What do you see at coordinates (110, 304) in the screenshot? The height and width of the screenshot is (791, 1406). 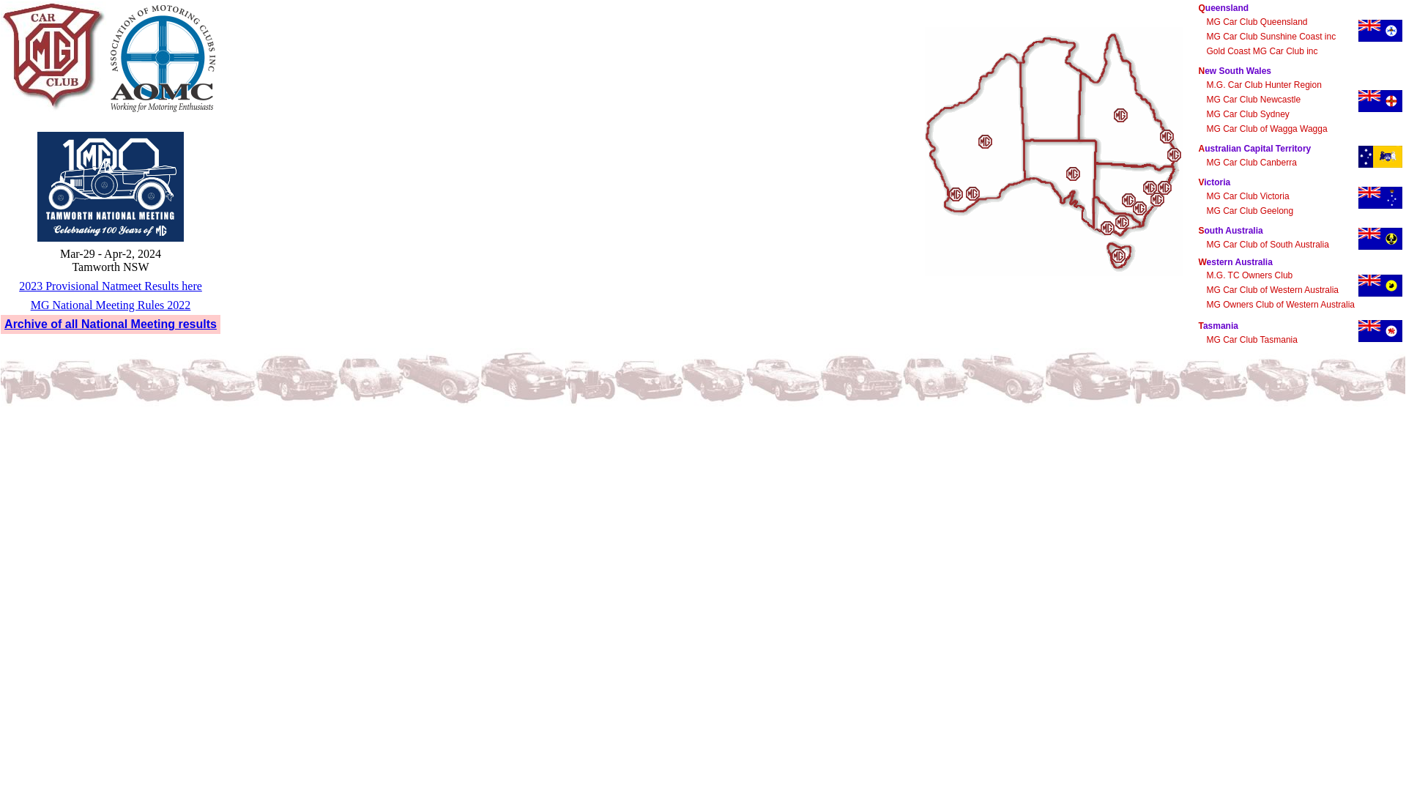 I see `'MG National Meeting Rules 2022'` at bounding box center [110, 304].